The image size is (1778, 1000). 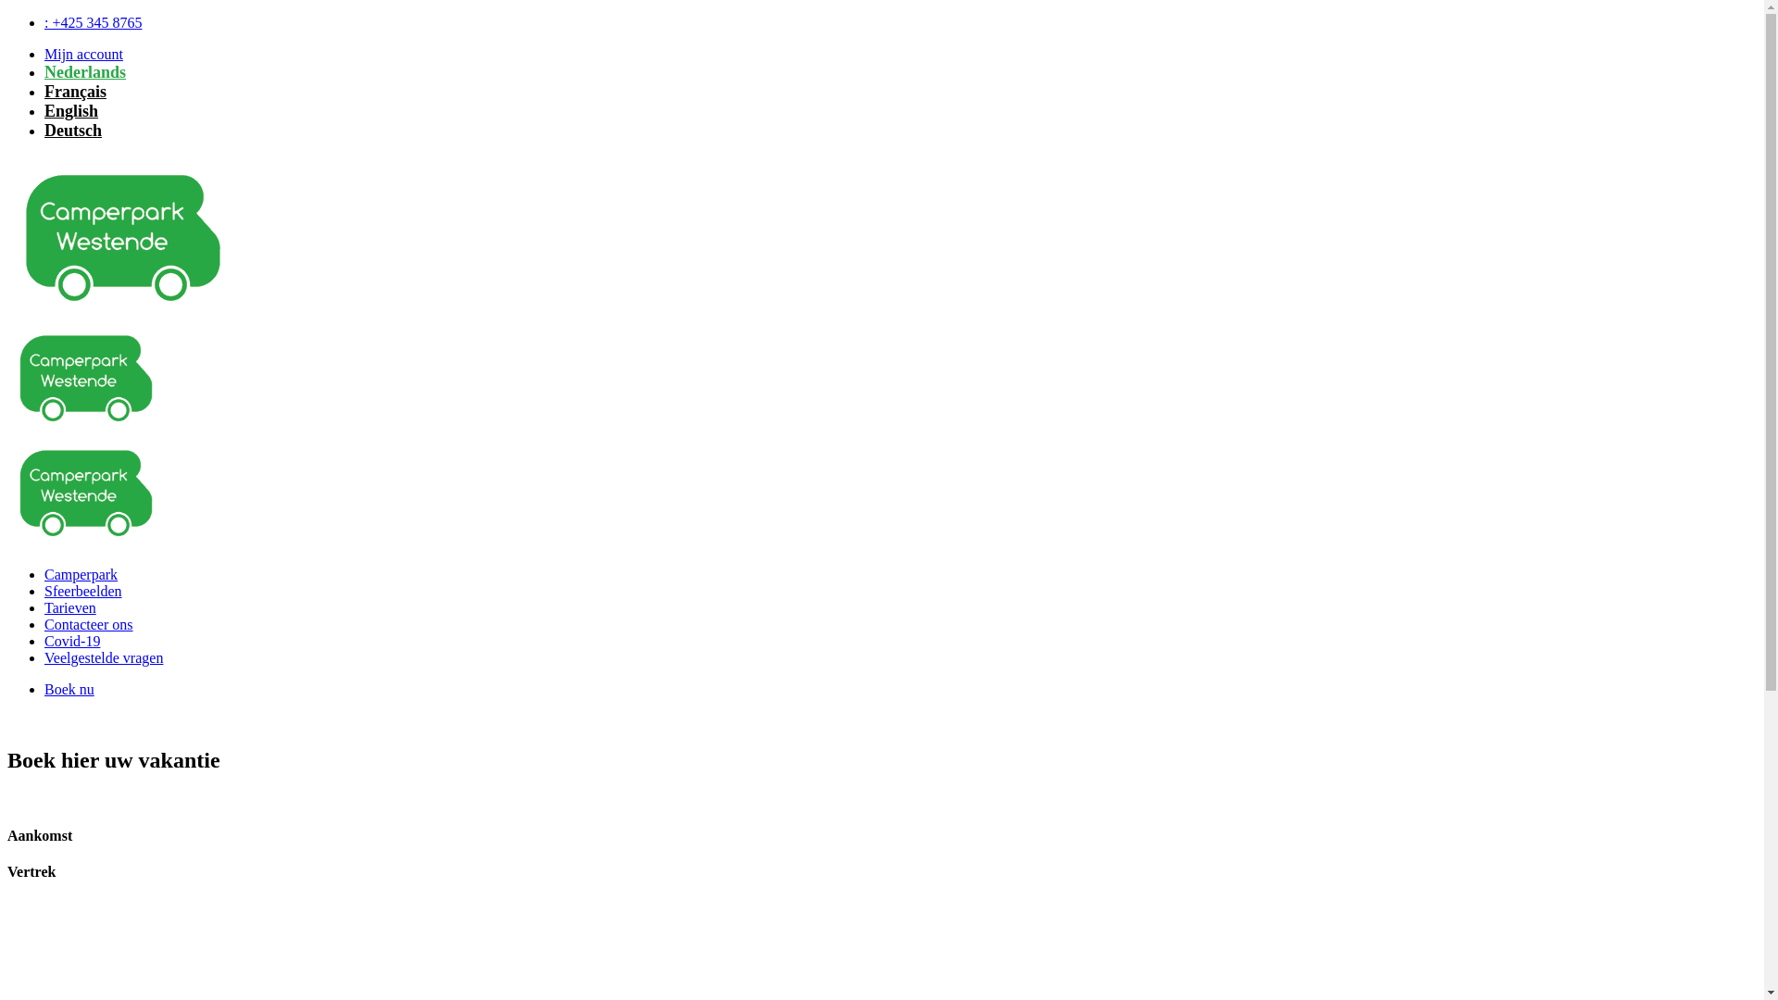 I want to click on 'Boek nu', so click(x=44, y=689).